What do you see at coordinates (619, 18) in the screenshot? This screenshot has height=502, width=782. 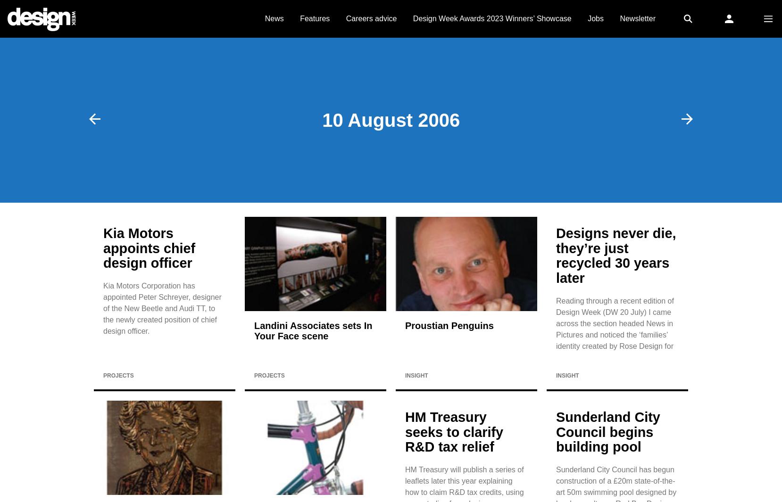 I see `'Newsletter'` at bounding box center [619, 18].